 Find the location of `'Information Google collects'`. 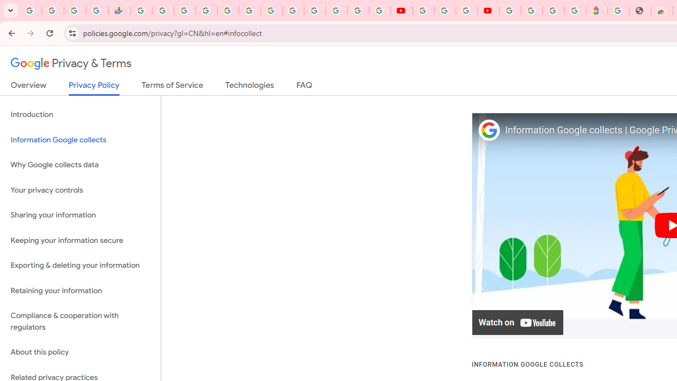

'Information Google collects' is located at coordinates (80, 139).